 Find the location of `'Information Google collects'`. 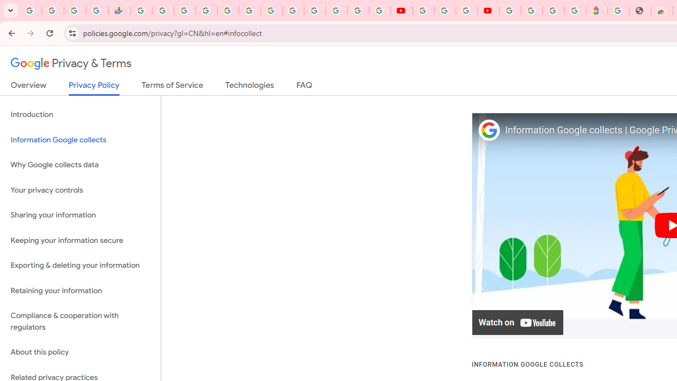

'Information Google collects' is located at coordinates (80, 139).